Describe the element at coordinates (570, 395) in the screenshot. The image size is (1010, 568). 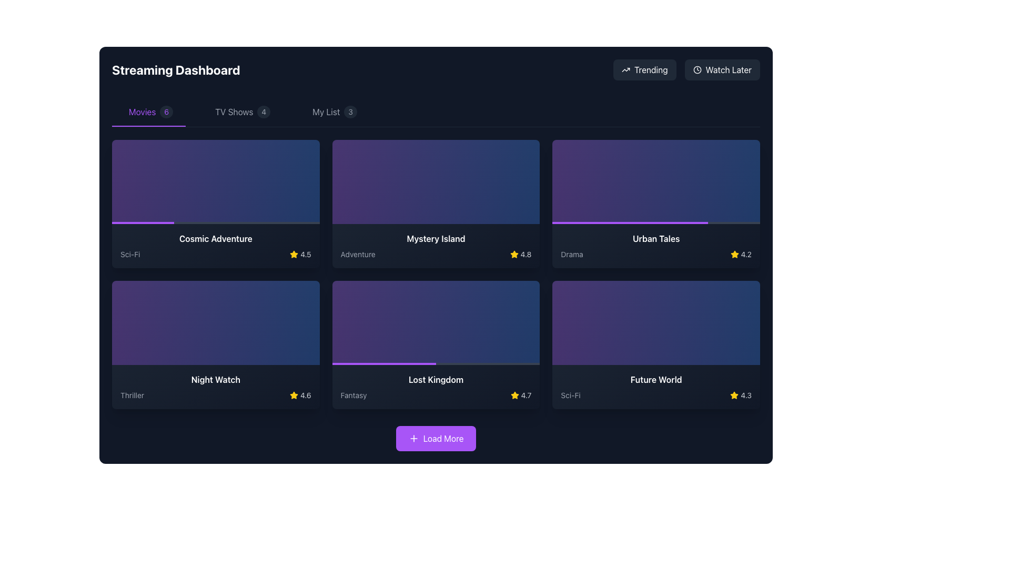
I see `the 'Sci-Fi' text label located in the bottom-left corner of the 'Future World' content block, positioned to the left of the yellow star icon and '4.3' rating text` at that location.